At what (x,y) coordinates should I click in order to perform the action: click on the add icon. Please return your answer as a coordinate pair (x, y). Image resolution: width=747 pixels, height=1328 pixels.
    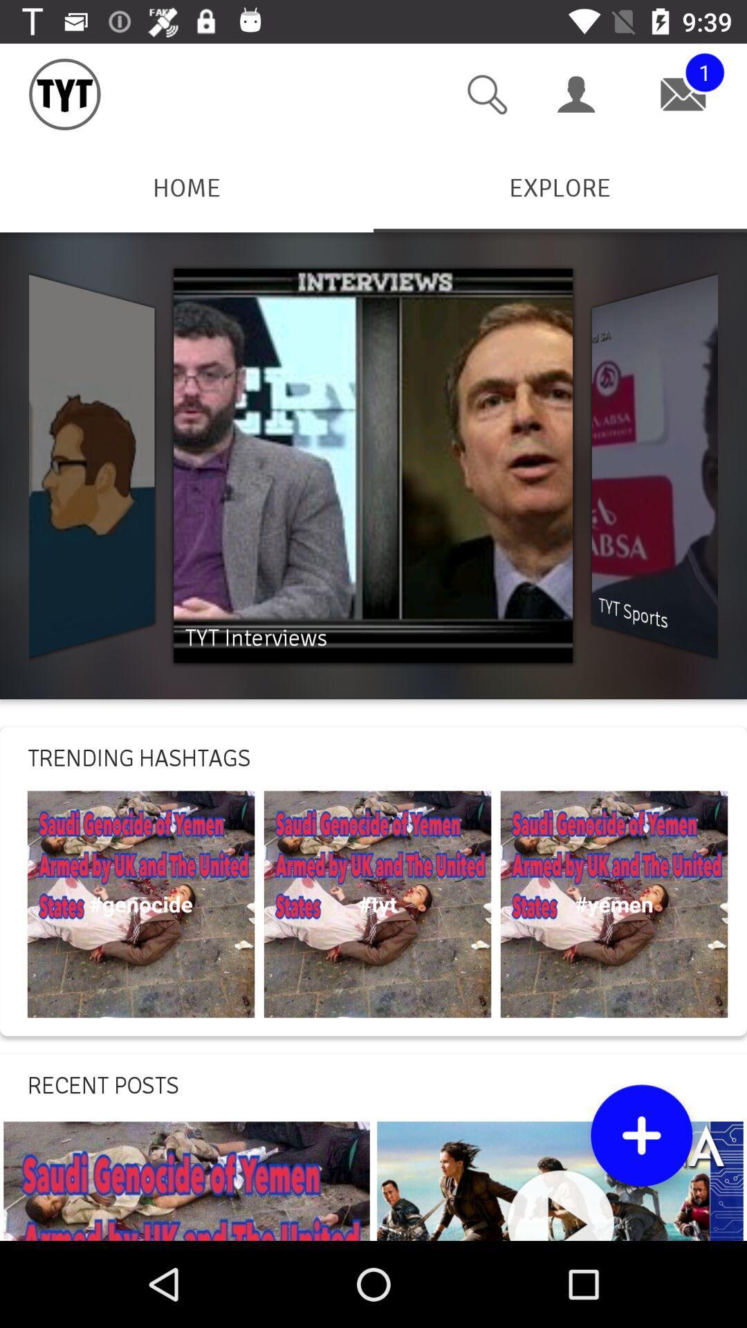
    Looking at the image, I should click on (641, 1135).